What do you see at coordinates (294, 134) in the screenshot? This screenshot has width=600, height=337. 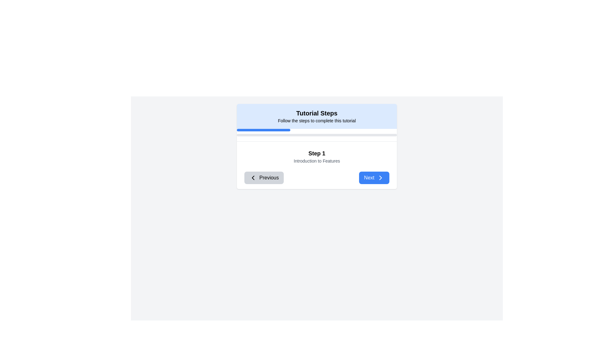 I see `the progress bar completion` at bounding box center [294, 134].